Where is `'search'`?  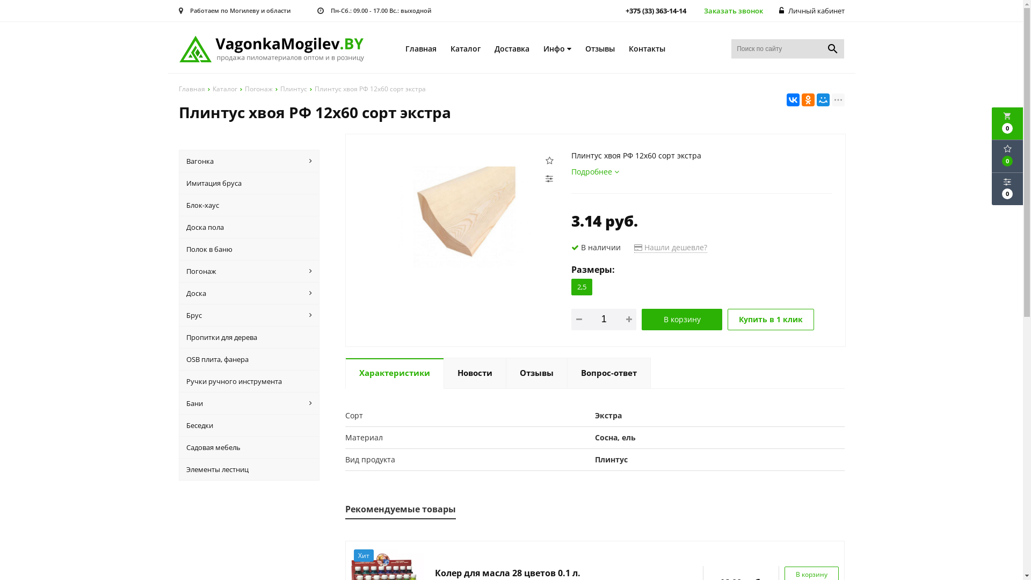
'search' is located at coordinates (832, 49).